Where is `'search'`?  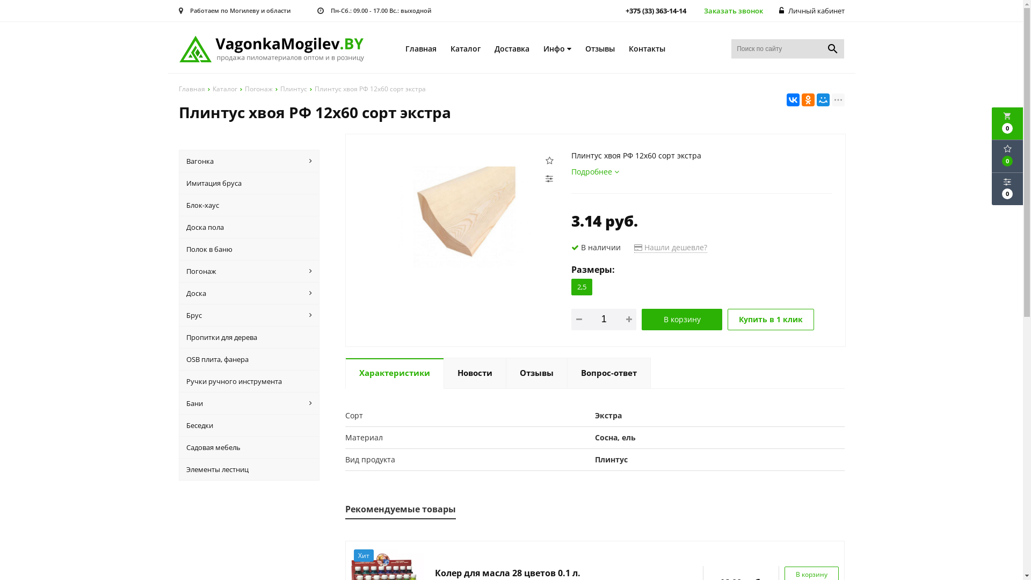
'search' is located at coordinates (832, 49).